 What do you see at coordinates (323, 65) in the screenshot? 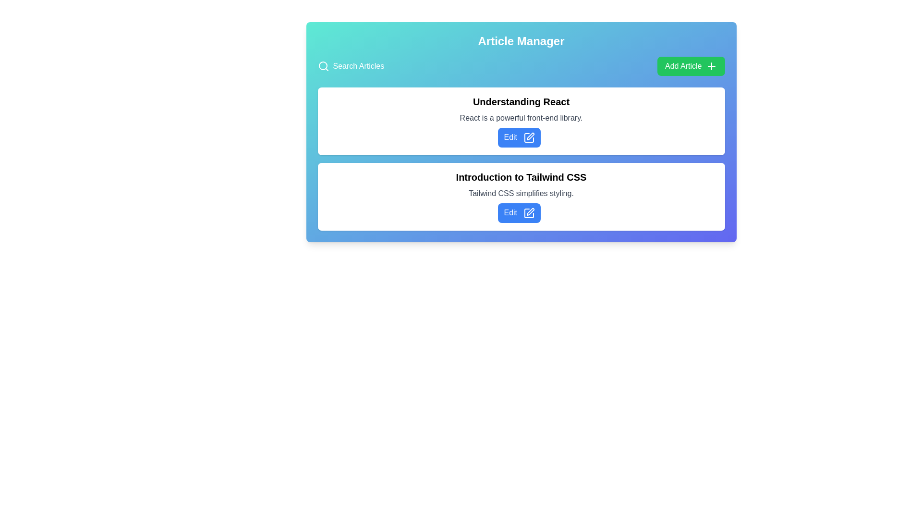
I see `the circular search icon located to the left of the 'Search Articles' text in the header bar` at bounding box center [323, 65].